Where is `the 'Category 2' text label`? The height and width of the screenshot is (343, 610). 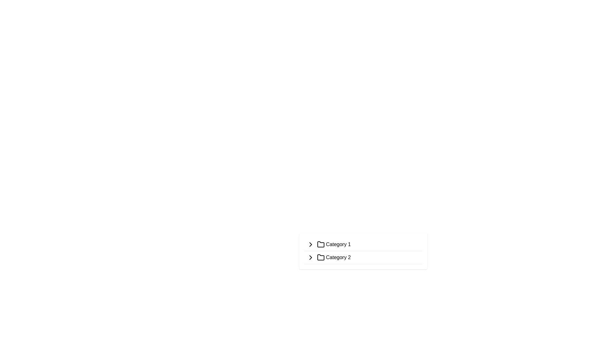
the 'Category 2' text label is located at coordinates (338, 257).